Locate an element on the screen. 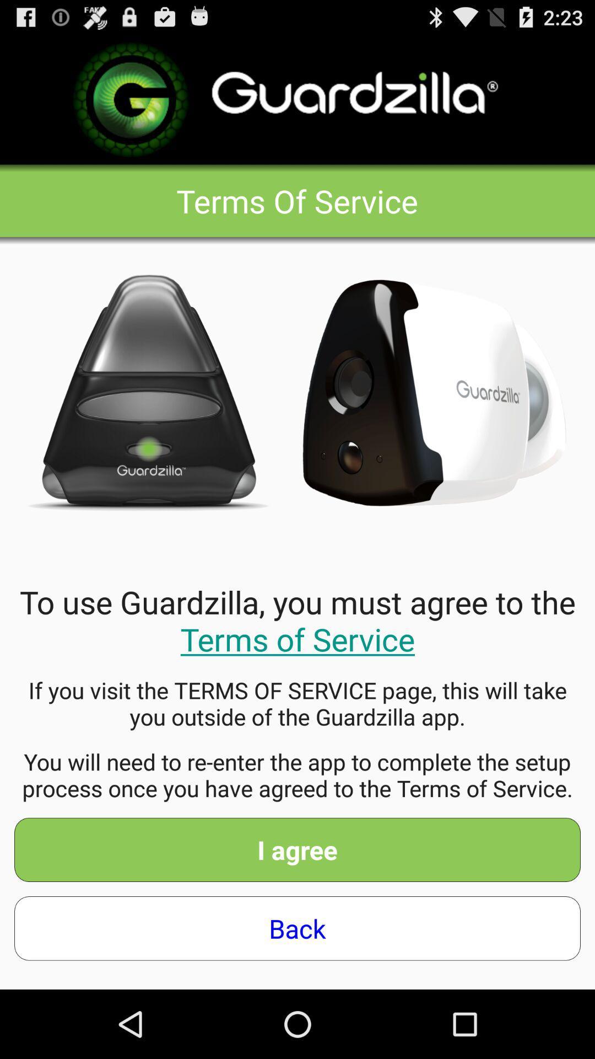  the to use guardzilla is located at coordinates (297, 620).